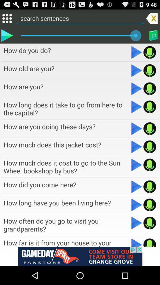 This screenshot has width=160, height=285. I want to click on record button, so click(149, 186).